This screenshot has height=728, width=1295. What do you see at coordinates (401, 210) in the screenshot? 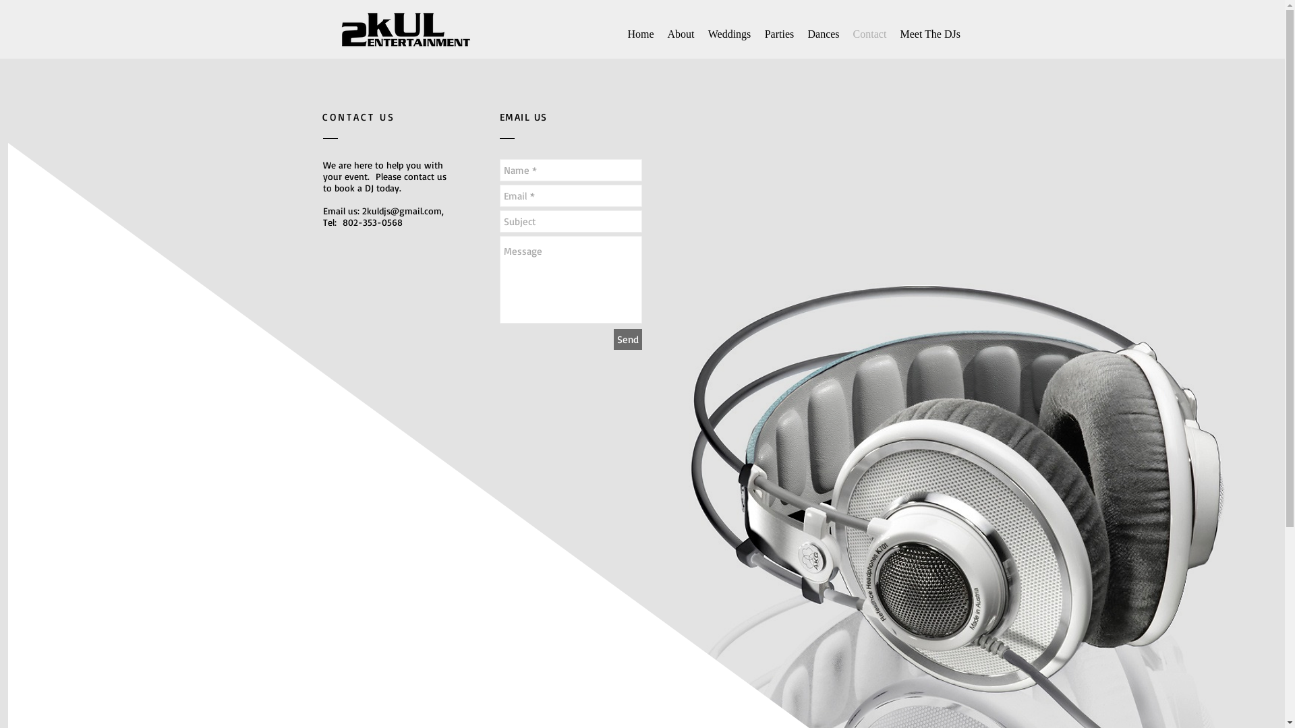
I see `'2kuldjs@gmail.com'` at bounding box center [401, 210].